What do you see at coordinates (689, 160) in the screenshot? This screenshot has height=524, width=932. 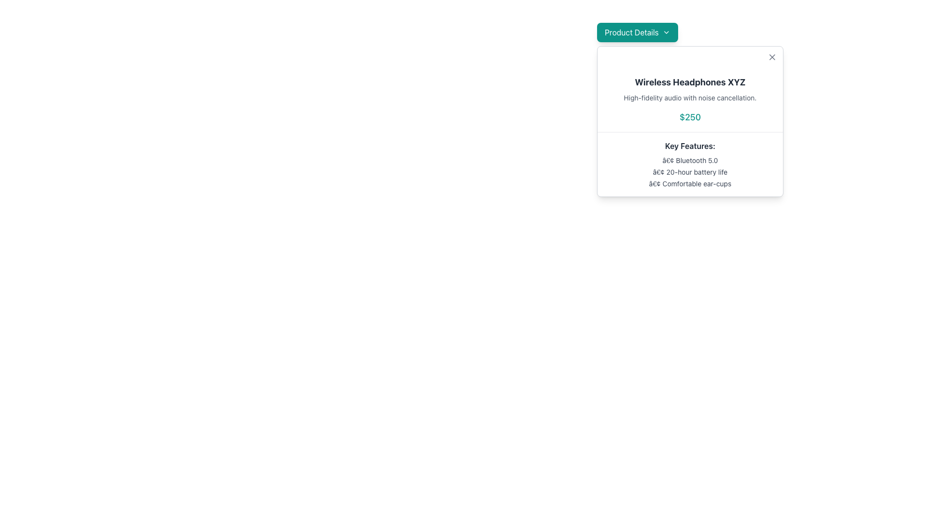 I see `feature description for Bluetooth 5.0 compatibility, which is the first item in the vertical list under the 'Key Features' title in the card layout` at bounding box center [689, 160].